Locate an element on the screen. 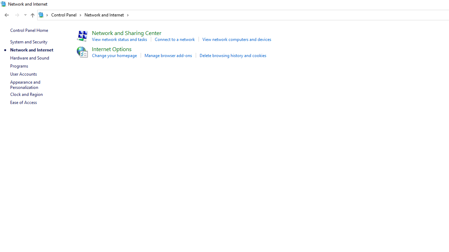  'Forward (Alt + Right Arrow)' is located at coordinates (17, 15).